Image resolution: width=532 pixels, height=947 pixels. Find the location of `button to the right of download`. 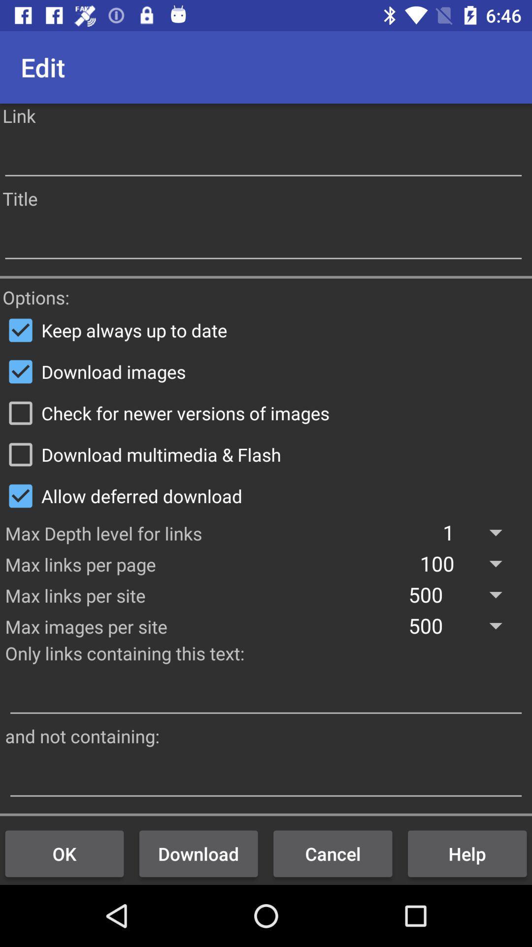

button to the right of download is located at coordinates (332, 853).